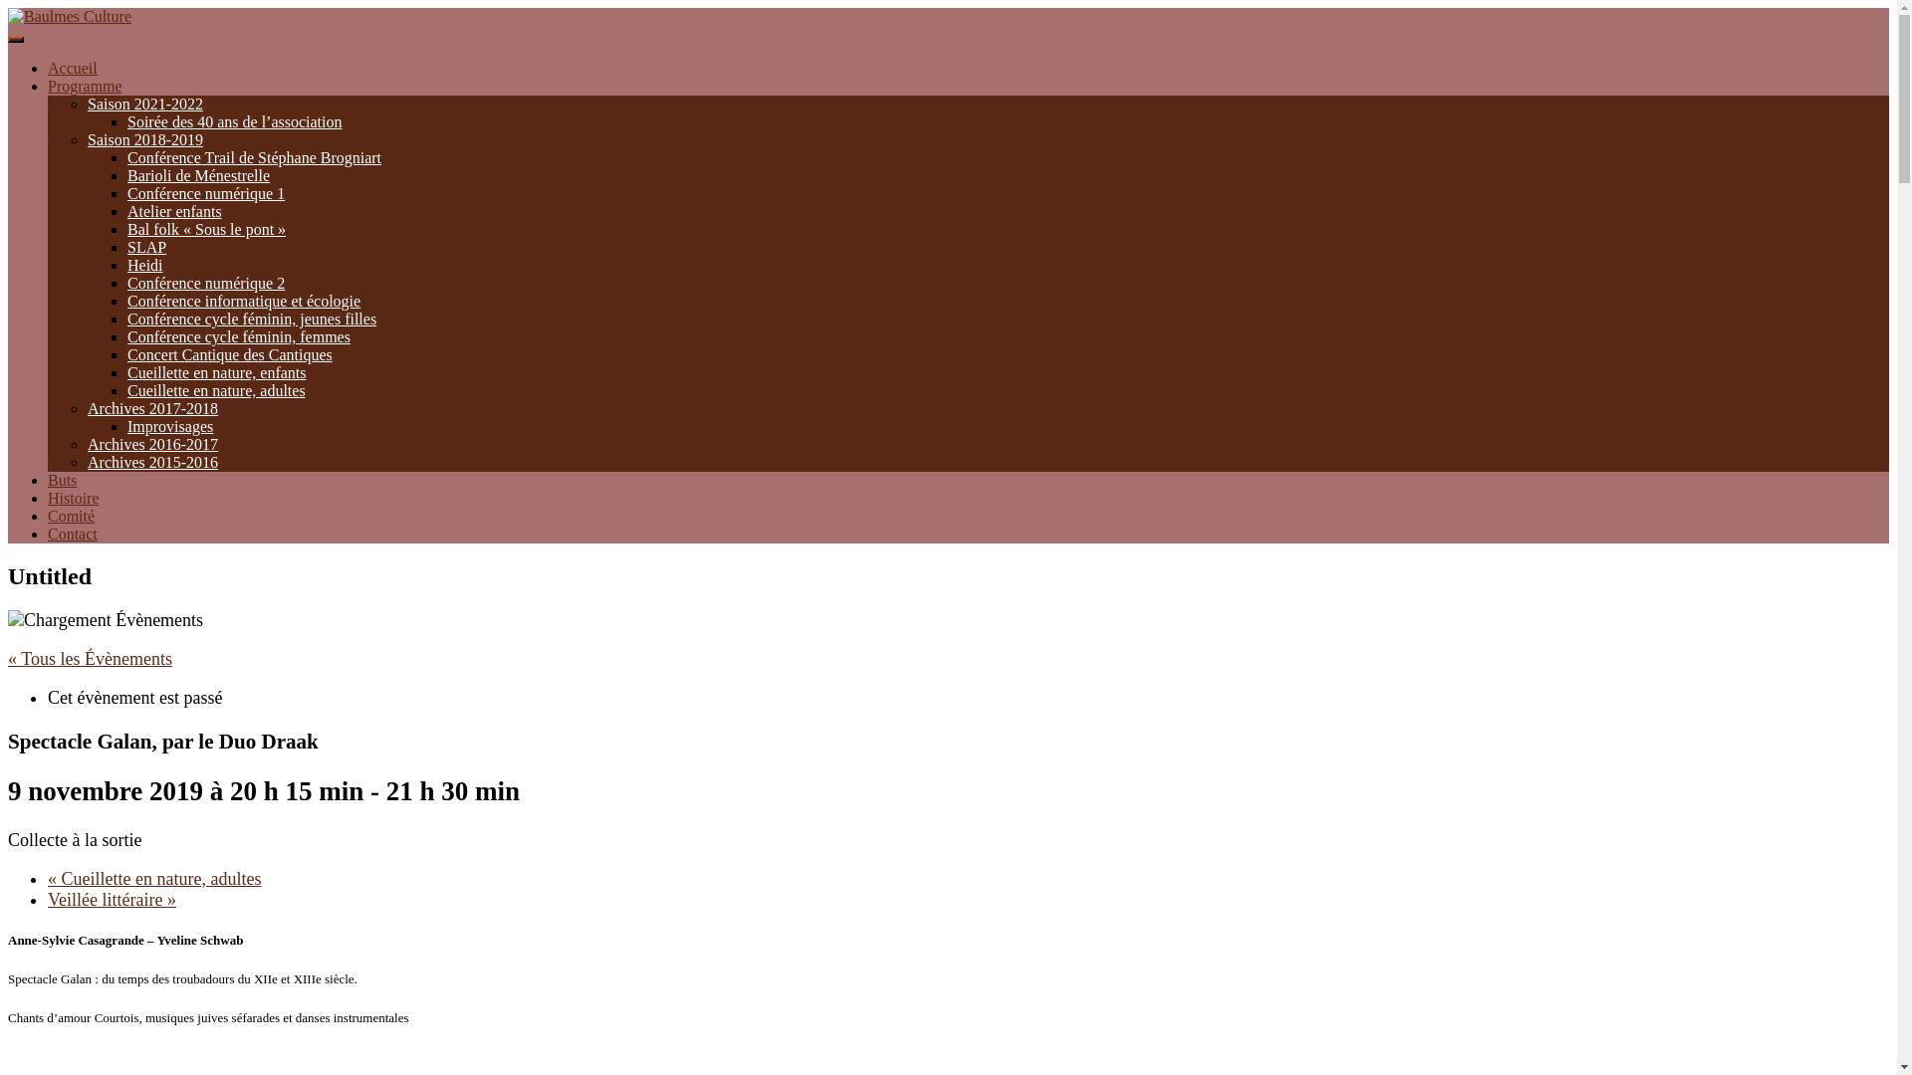 The image size is (1912, 1075). Describe the element at coordinates (216, 372) in the screenshot. I see `'Cueillette en nature, enfants'` at that location.